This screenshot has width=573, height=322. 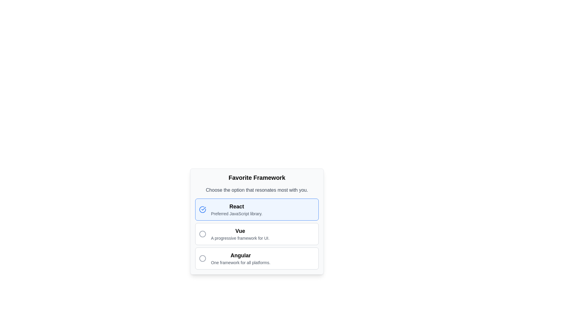 I want to click on the selection marker icon representing the 'Angular' option in the 'Favorite Framework' selection menu, so click(x=202, y=258).